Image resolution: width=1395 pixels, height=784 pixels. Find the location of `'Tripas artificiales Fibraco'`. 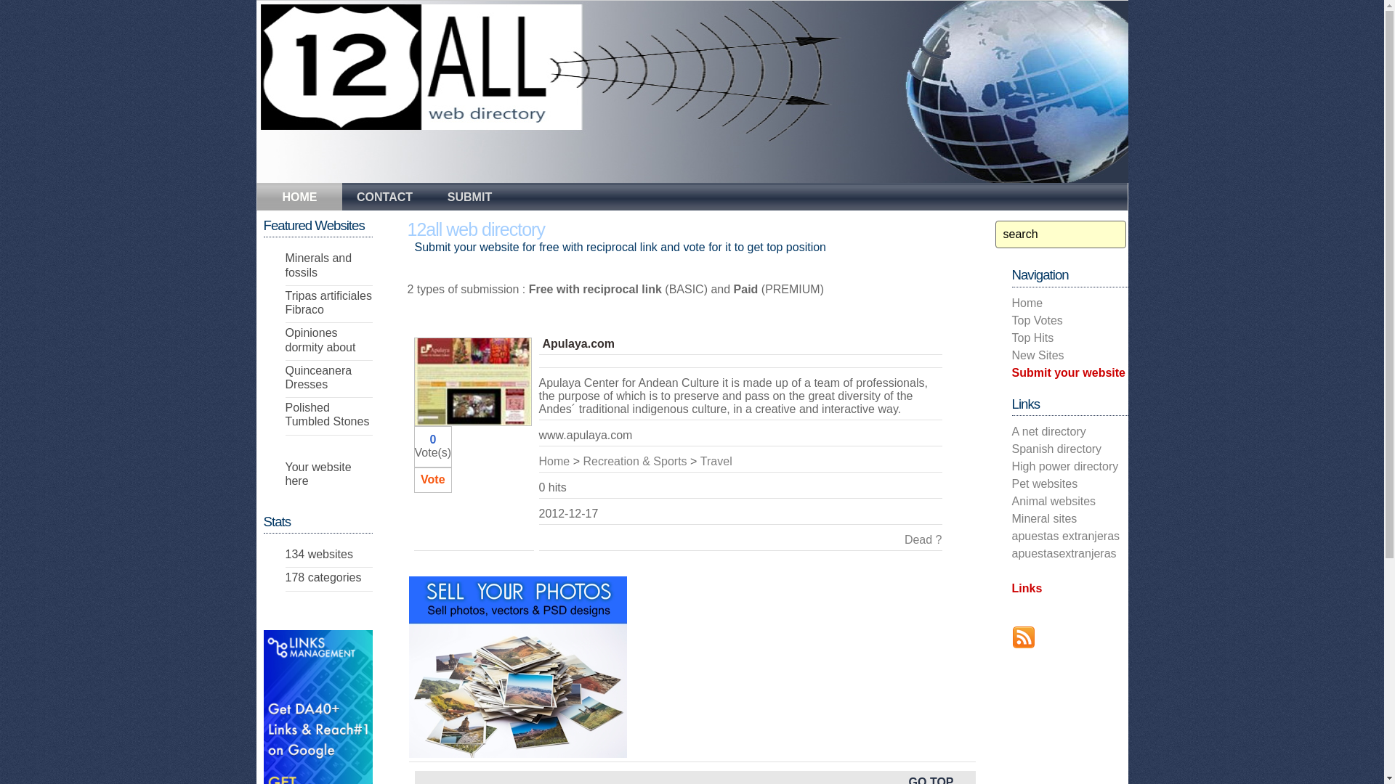

'Tripas artificiales Fibraco' is located at coordinates (285, 301).